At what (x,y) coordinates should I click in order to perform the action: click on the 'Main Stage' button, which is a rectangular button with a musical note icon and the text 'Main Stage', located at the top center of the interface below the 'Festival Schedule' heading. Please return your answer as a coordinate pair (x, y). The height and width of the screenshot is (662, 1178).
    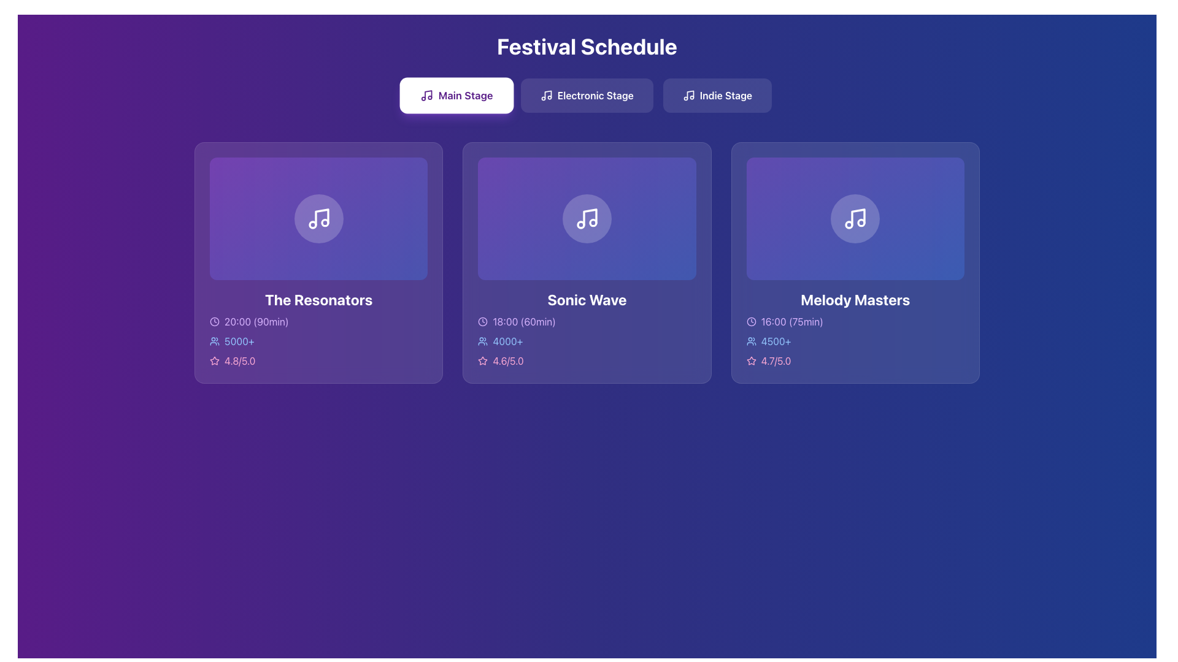
    Looking at the image, I should click on (456, 94).